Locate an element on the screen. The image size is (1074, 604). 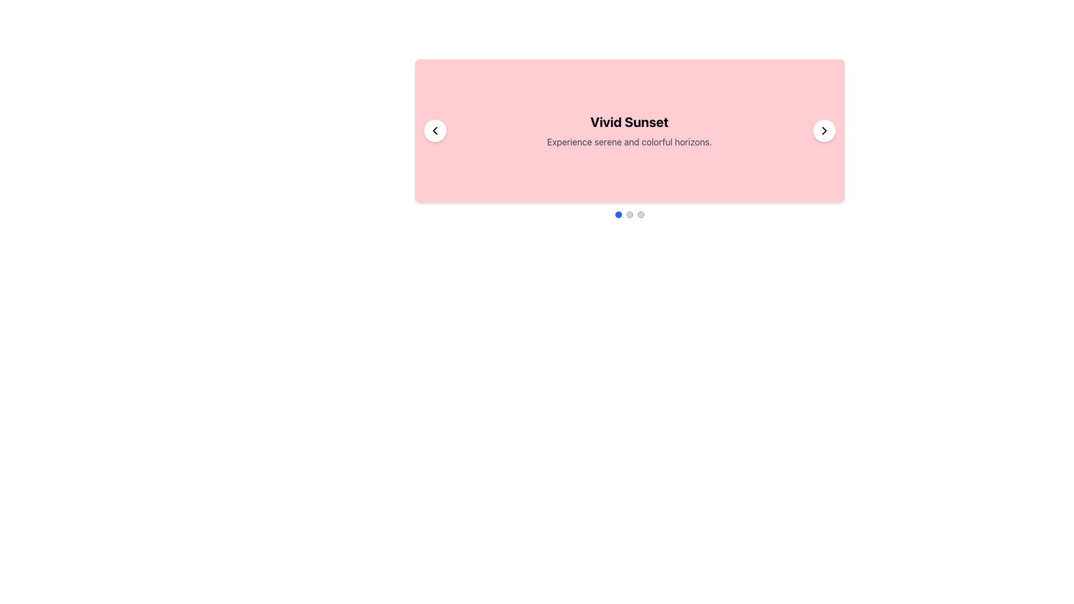
the second circular indicator button with a light gray background and gray border, located below the pink section is located at coordinates (629, 215).